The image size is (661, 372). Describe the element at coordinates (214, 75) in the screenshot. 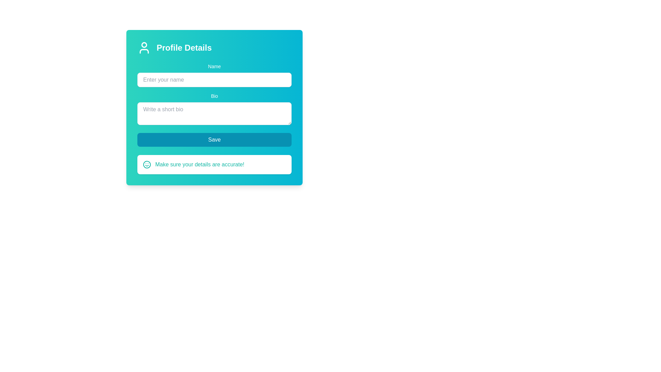

I see `the text input field labeled 'Name', which has rounded corners and a white background` at that location.